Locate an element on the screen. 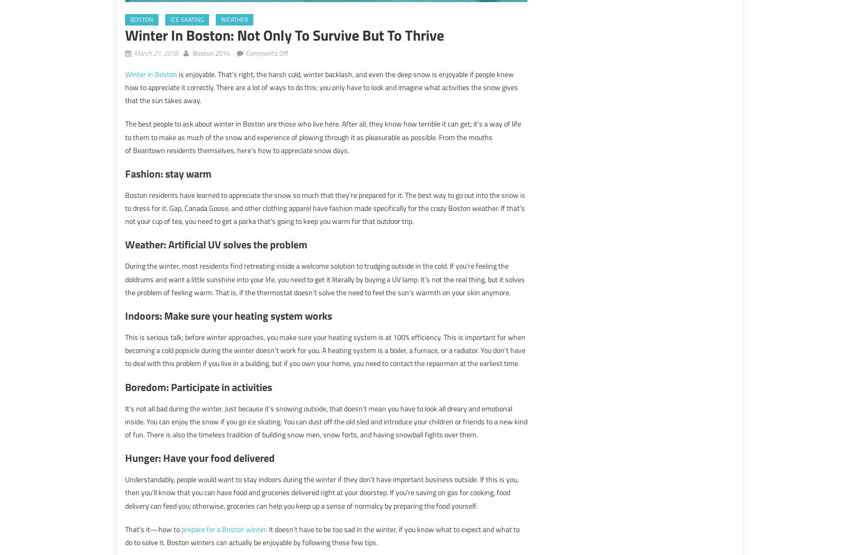 Image resolution: width=860 pixels, height=555 pixels. 'Boredom: Participate in activities' is located at coordinates (125, 386).